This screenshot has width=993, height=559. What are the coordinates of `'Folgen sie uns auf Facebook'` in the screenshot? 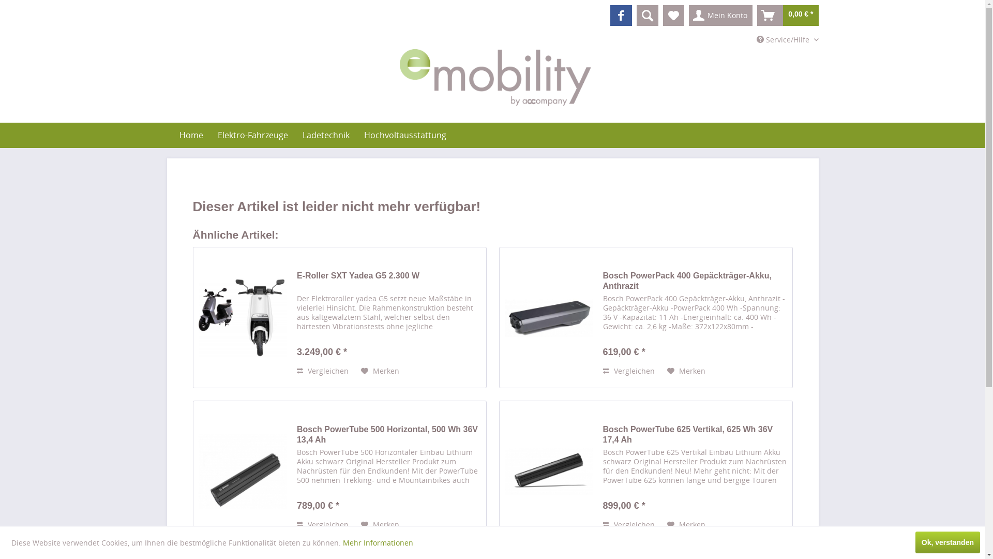 It's located at (621, 16).